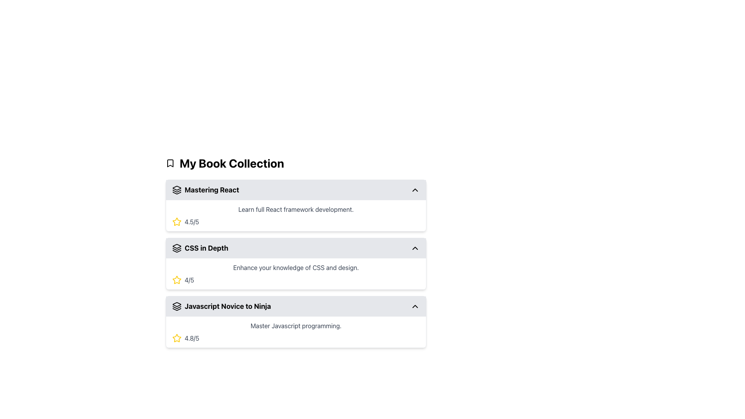 The width and height of the screenshot is (745, 419). Describe the element at coordinates (415, 306) in the screenshot. I see `the collapse control icon for the 'Javascript Novice to Ninja' section header, located at the far right end of the header` at that location.